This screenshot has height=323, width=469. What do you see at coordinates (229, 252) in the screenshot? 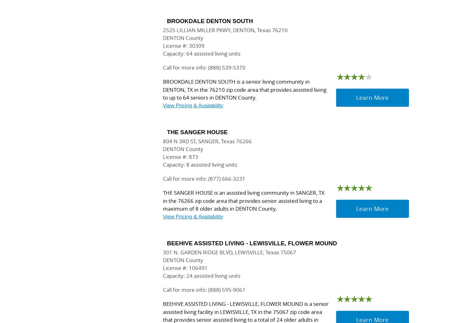
I see `'301 N. GARDEN RIDGE BLVD, LEWISVILLE, Texas 75067'` at bounding box center [229, 252].